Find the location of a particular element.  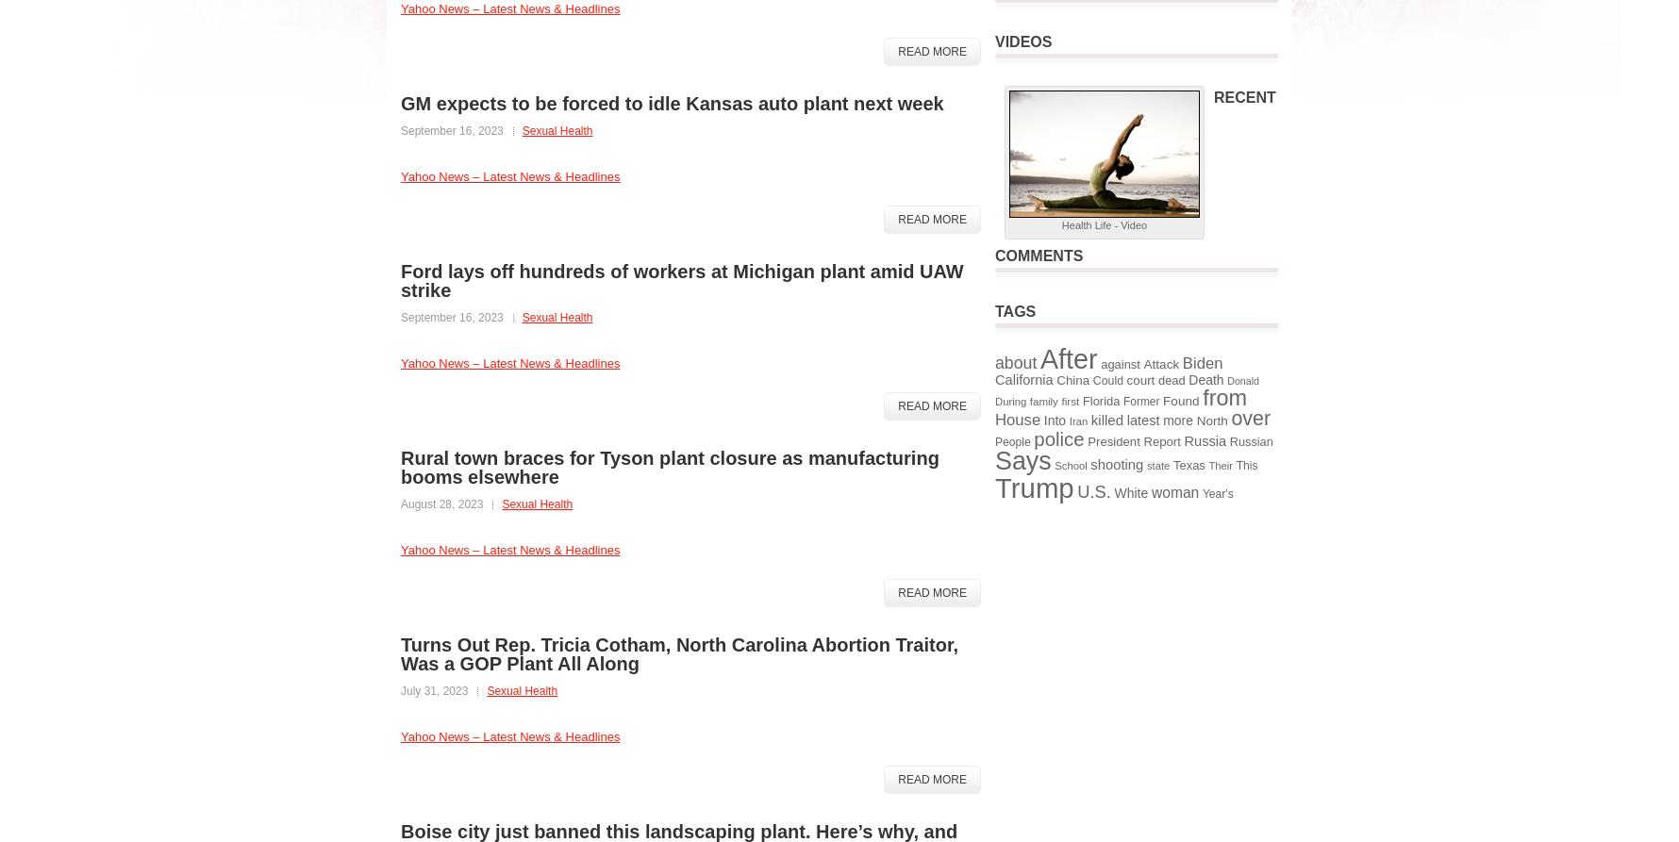

'Videos' is located at coordinates (1023, 41).